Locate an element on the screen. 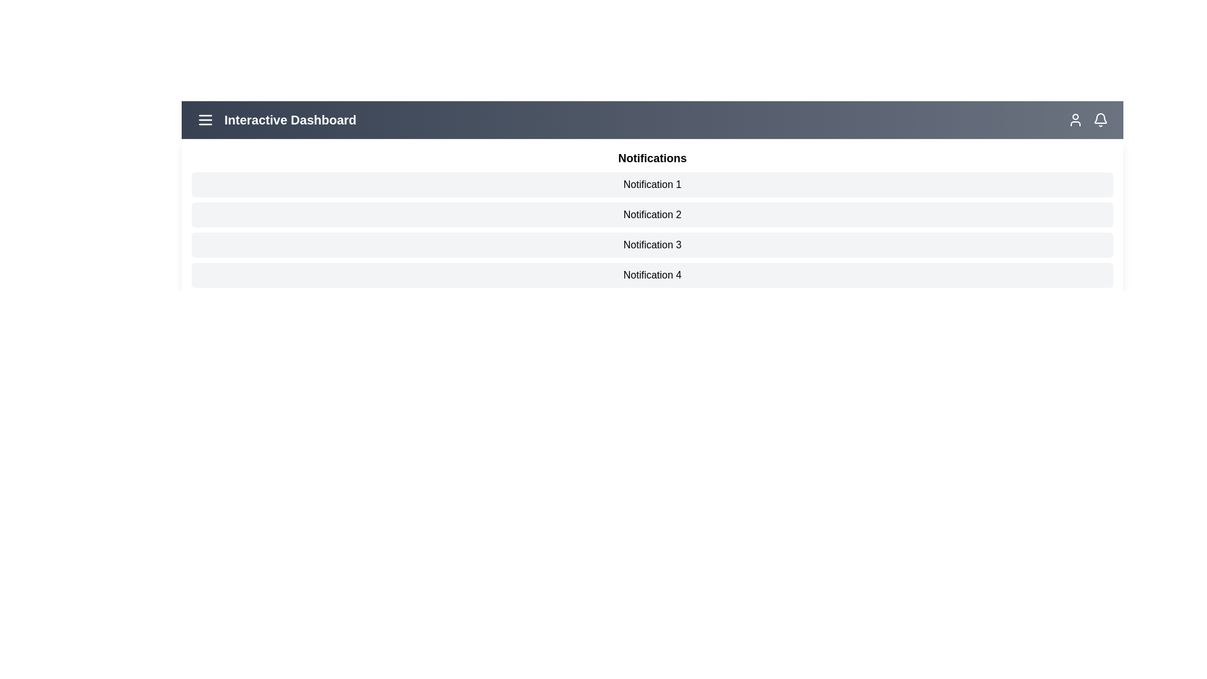 Image resolution: width=1207 pixels, height=679 pixels. the menu icon to open the navigation drawer is located at coordinates (205, 120).